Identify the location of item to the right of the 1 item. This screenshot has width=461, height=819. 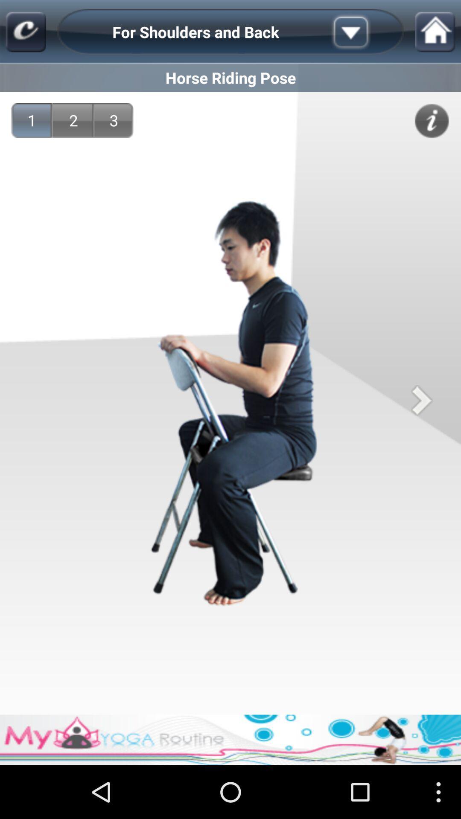
(73, 120).